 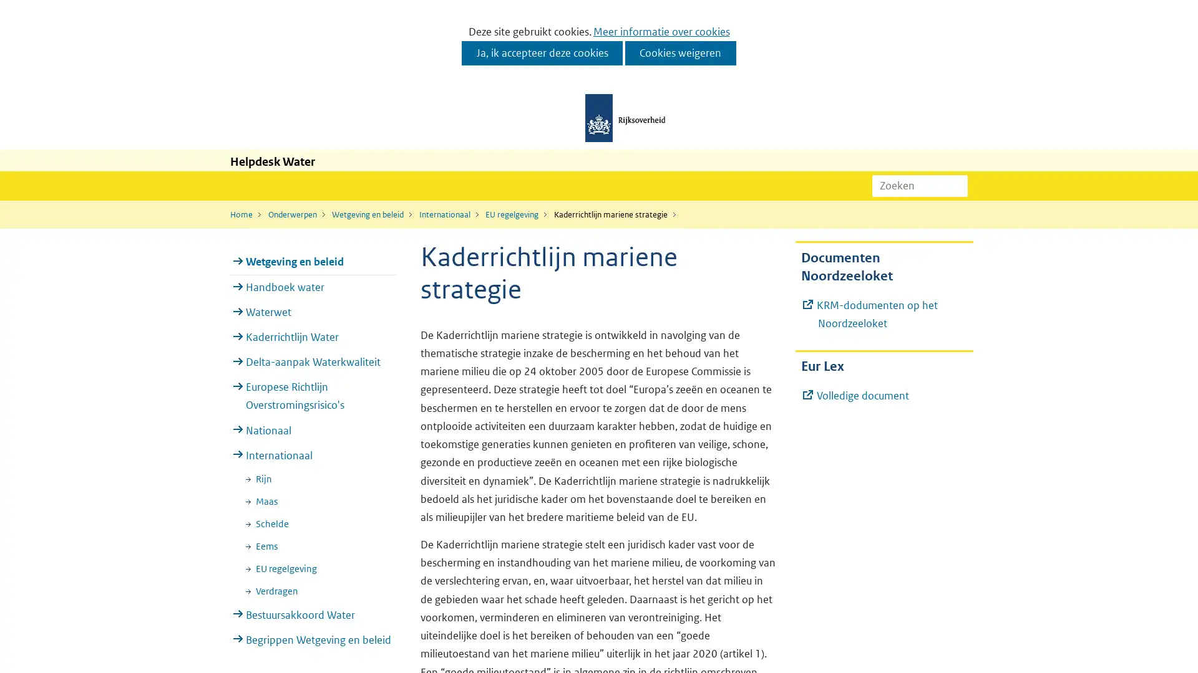 What do you see at coordinates (679, 52) in the screenshot?
I see `Cookies weigeren` at bounding box center [679, 52].